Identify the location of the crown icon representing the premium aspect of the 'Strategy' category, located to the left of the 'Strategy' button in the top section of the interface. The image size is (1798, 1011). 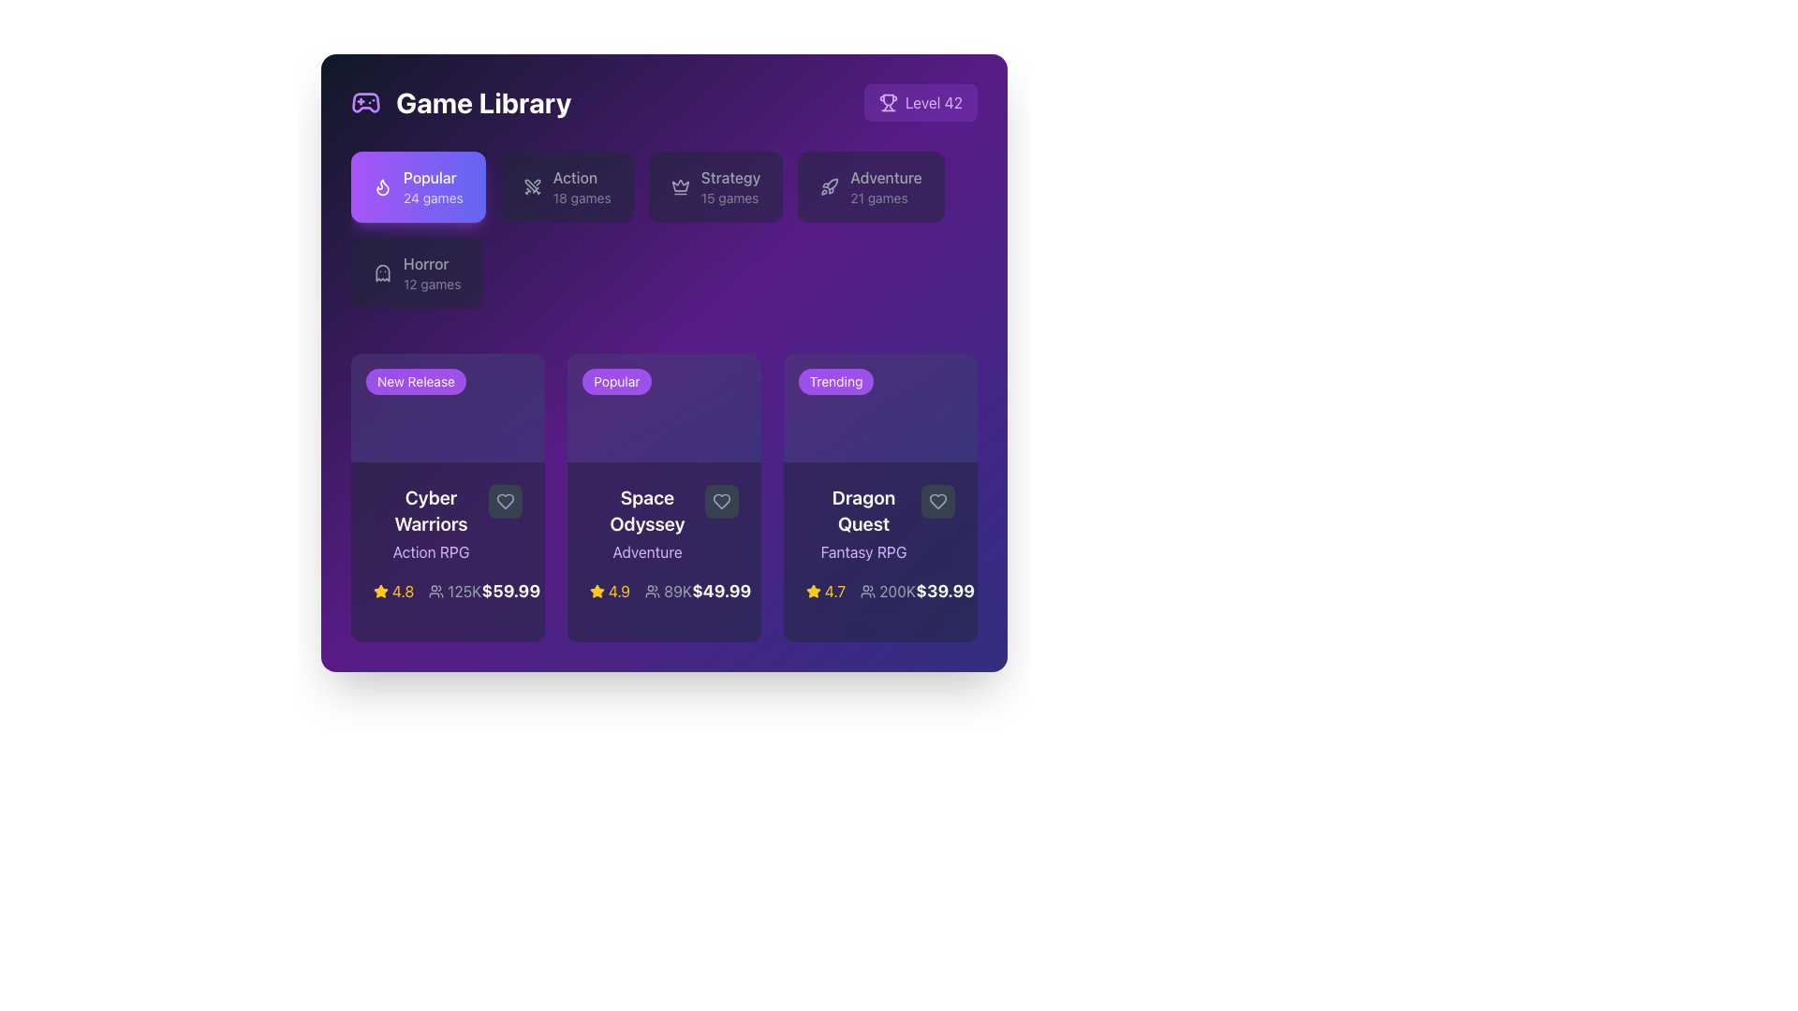
(679, 187).